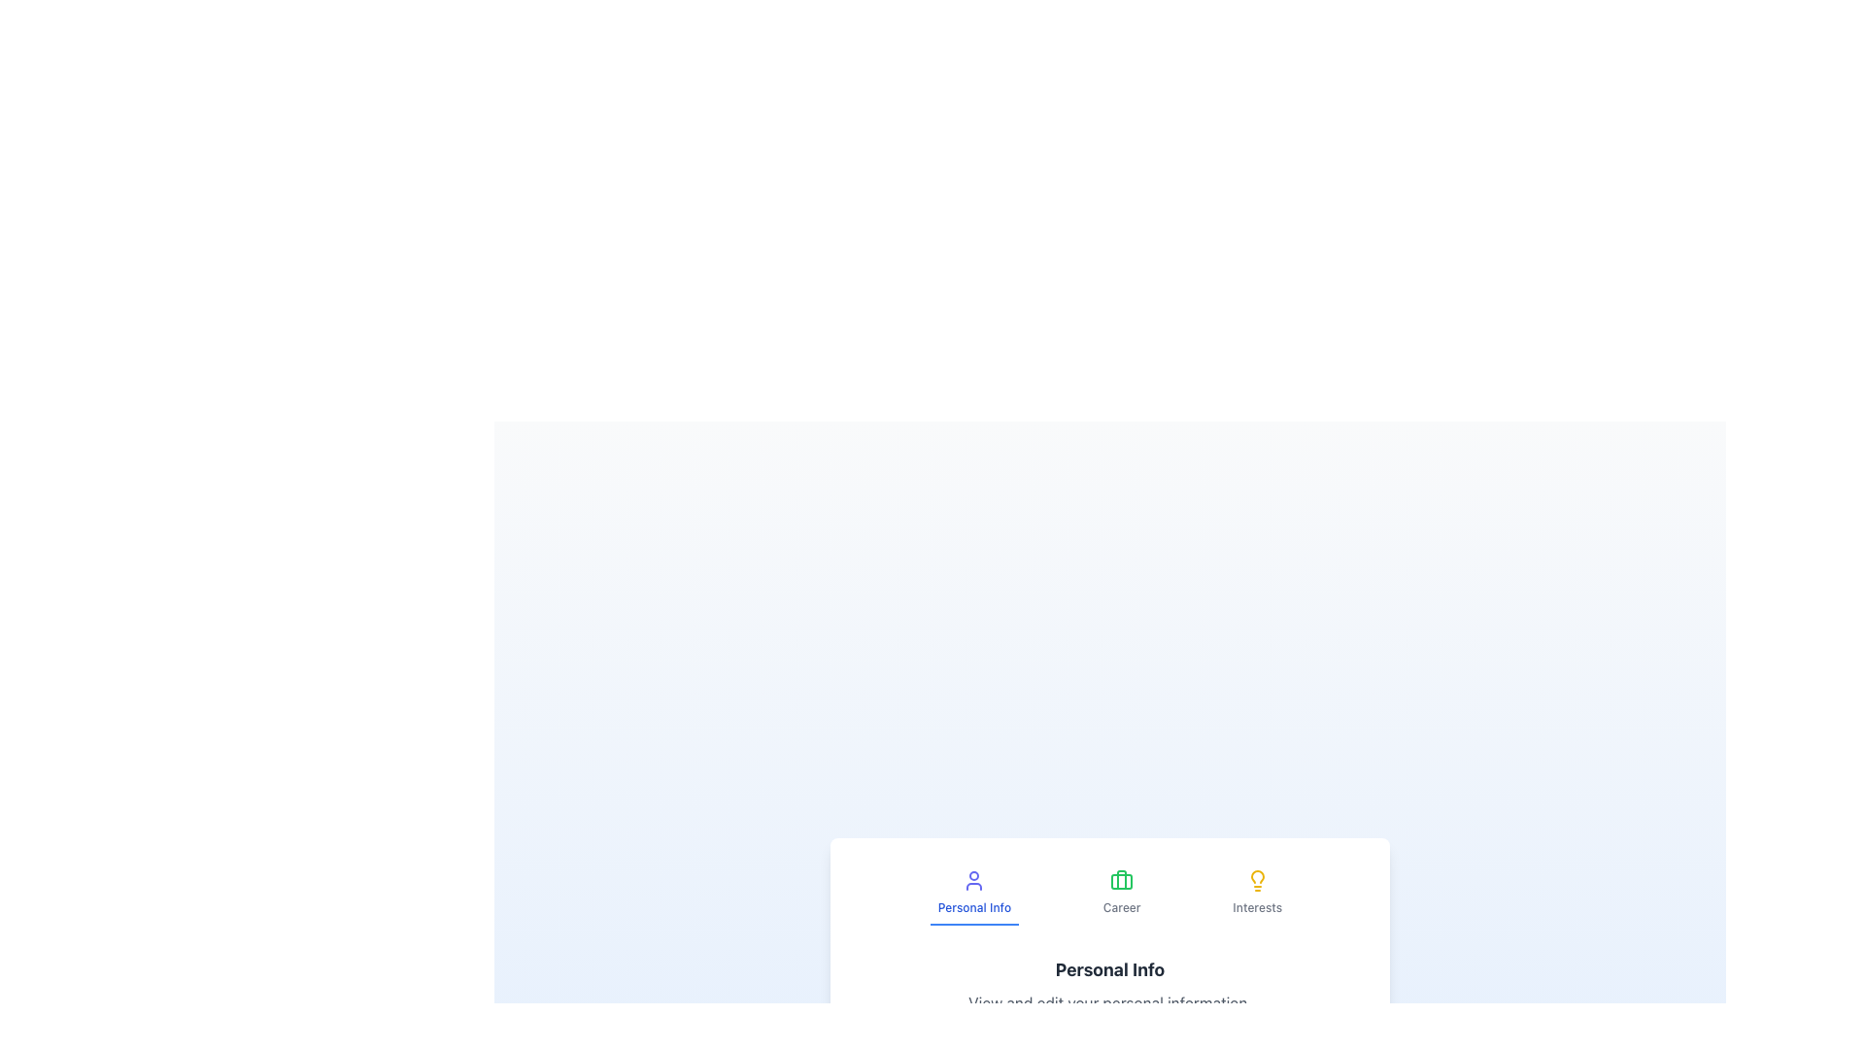  I want to click on the 'Interests' text label located beneath the lightbulb icon in the third position among three similar groups in the top center panel, so click(1257, 907).